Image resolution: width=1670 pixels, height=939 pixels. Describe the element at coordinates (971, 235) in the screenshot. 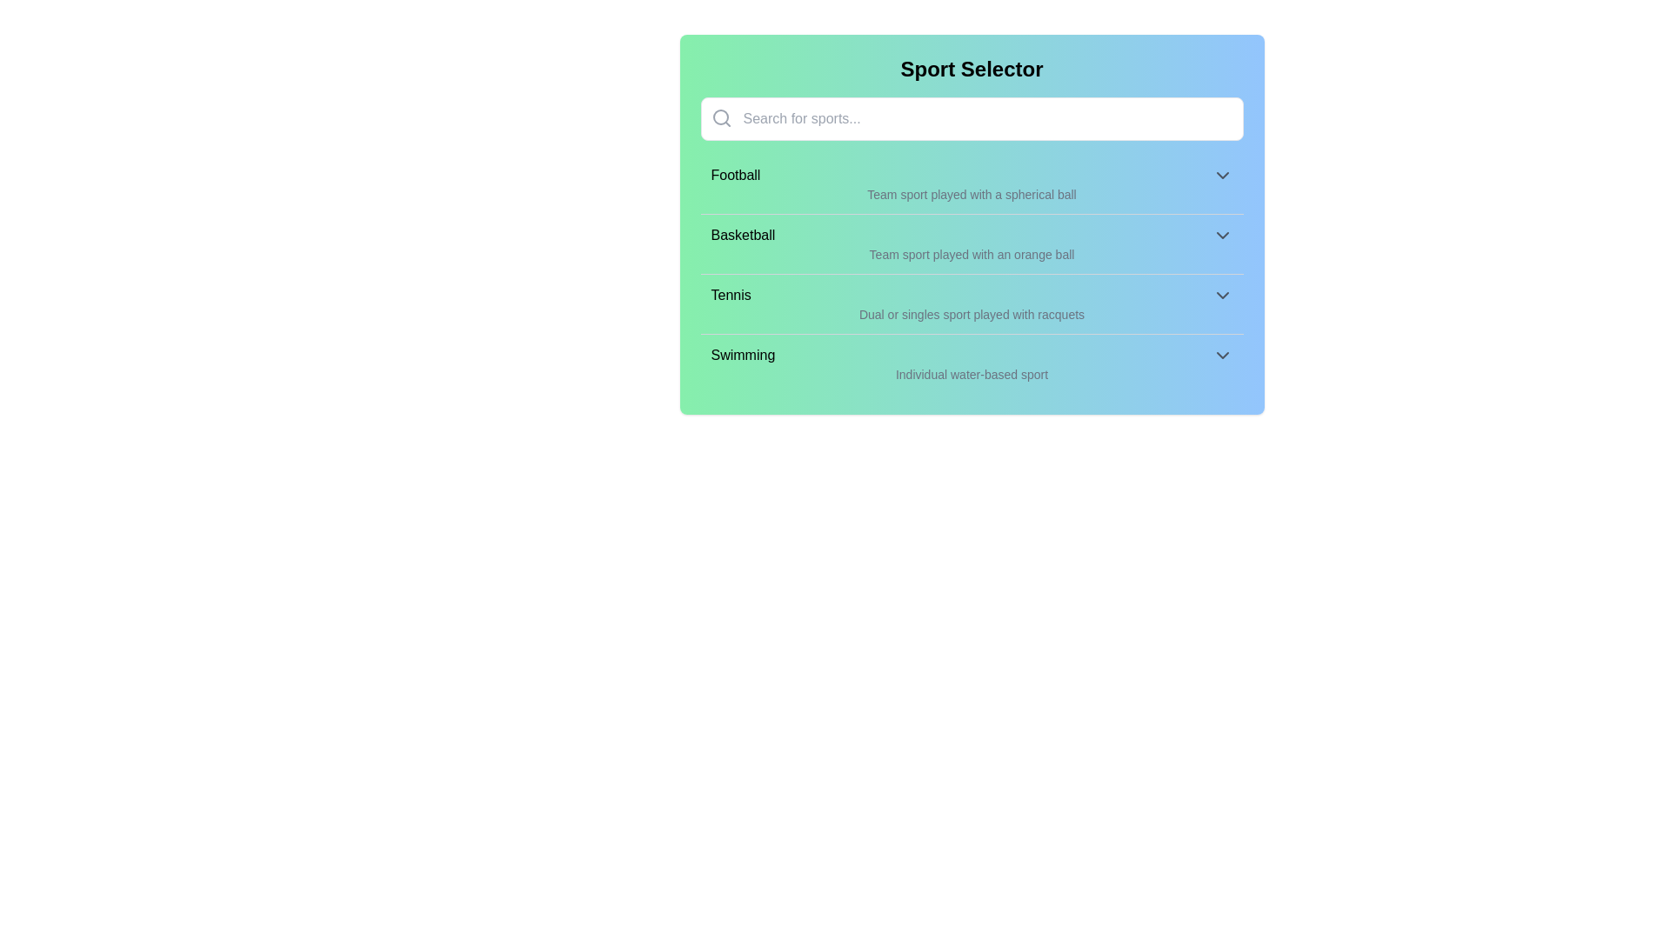

I see `the selectable list item for 'Basketball' in the 'Sport Selector'` at that location.